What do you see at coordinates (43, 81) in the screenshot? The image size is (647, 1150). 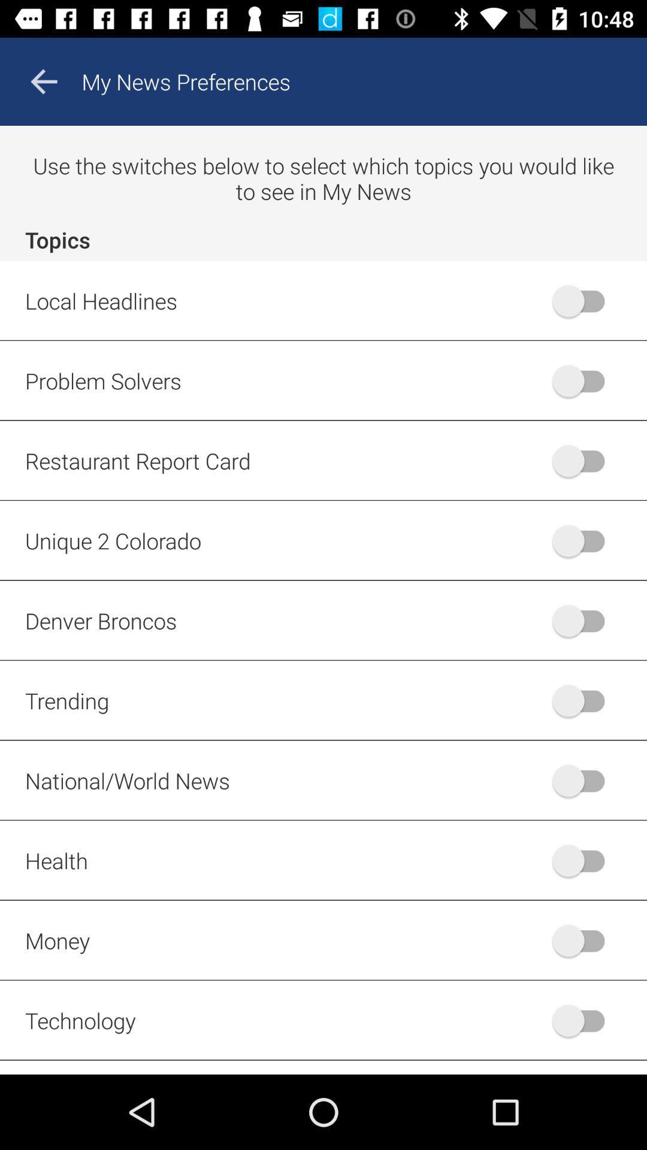 I see `the arrow_backward icon` at bounding box center [43, 81].